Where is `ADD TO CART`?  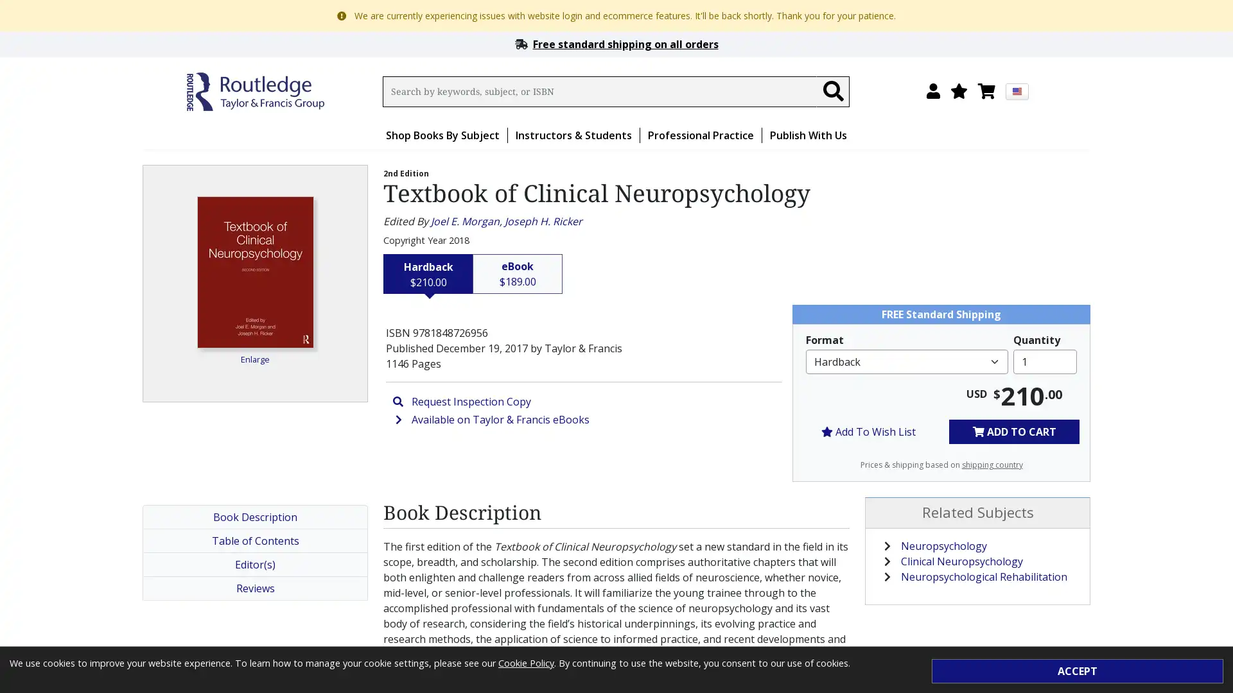
ADD TO CART is located at coordinates (1013, 431).